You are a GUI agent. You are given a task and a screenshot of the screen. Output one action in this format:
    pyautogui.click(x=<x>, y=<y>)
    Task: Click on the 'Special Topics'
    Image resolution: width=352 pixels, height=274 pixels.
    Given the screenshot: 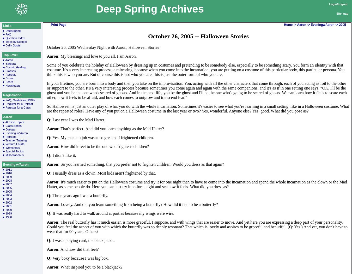 What is the action you would take?
    pyautogui.click(x=14, y=151)
    